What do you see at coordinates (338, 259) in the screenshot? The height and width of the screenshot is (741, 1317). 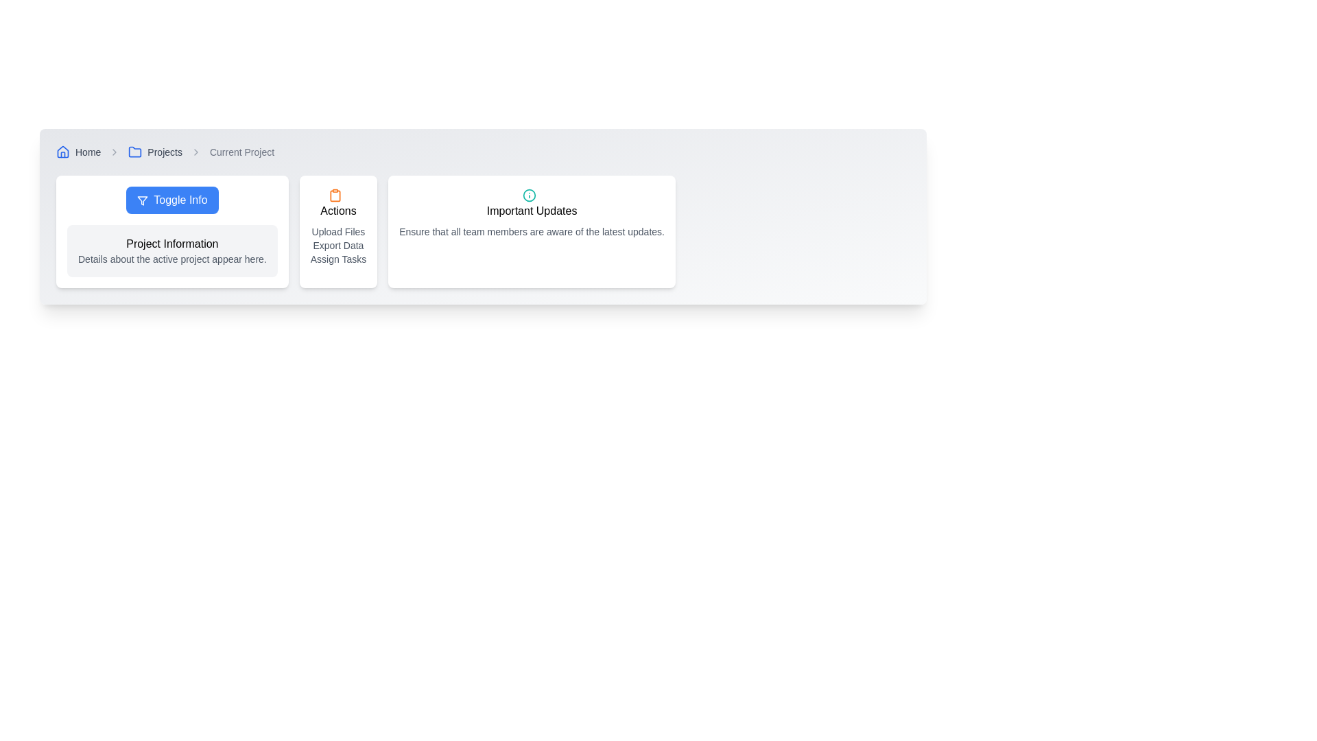 I see `the third text label in the 'Actions' section, which likely provides a caption for task assignment functionality` at bounding box center [338, 259].